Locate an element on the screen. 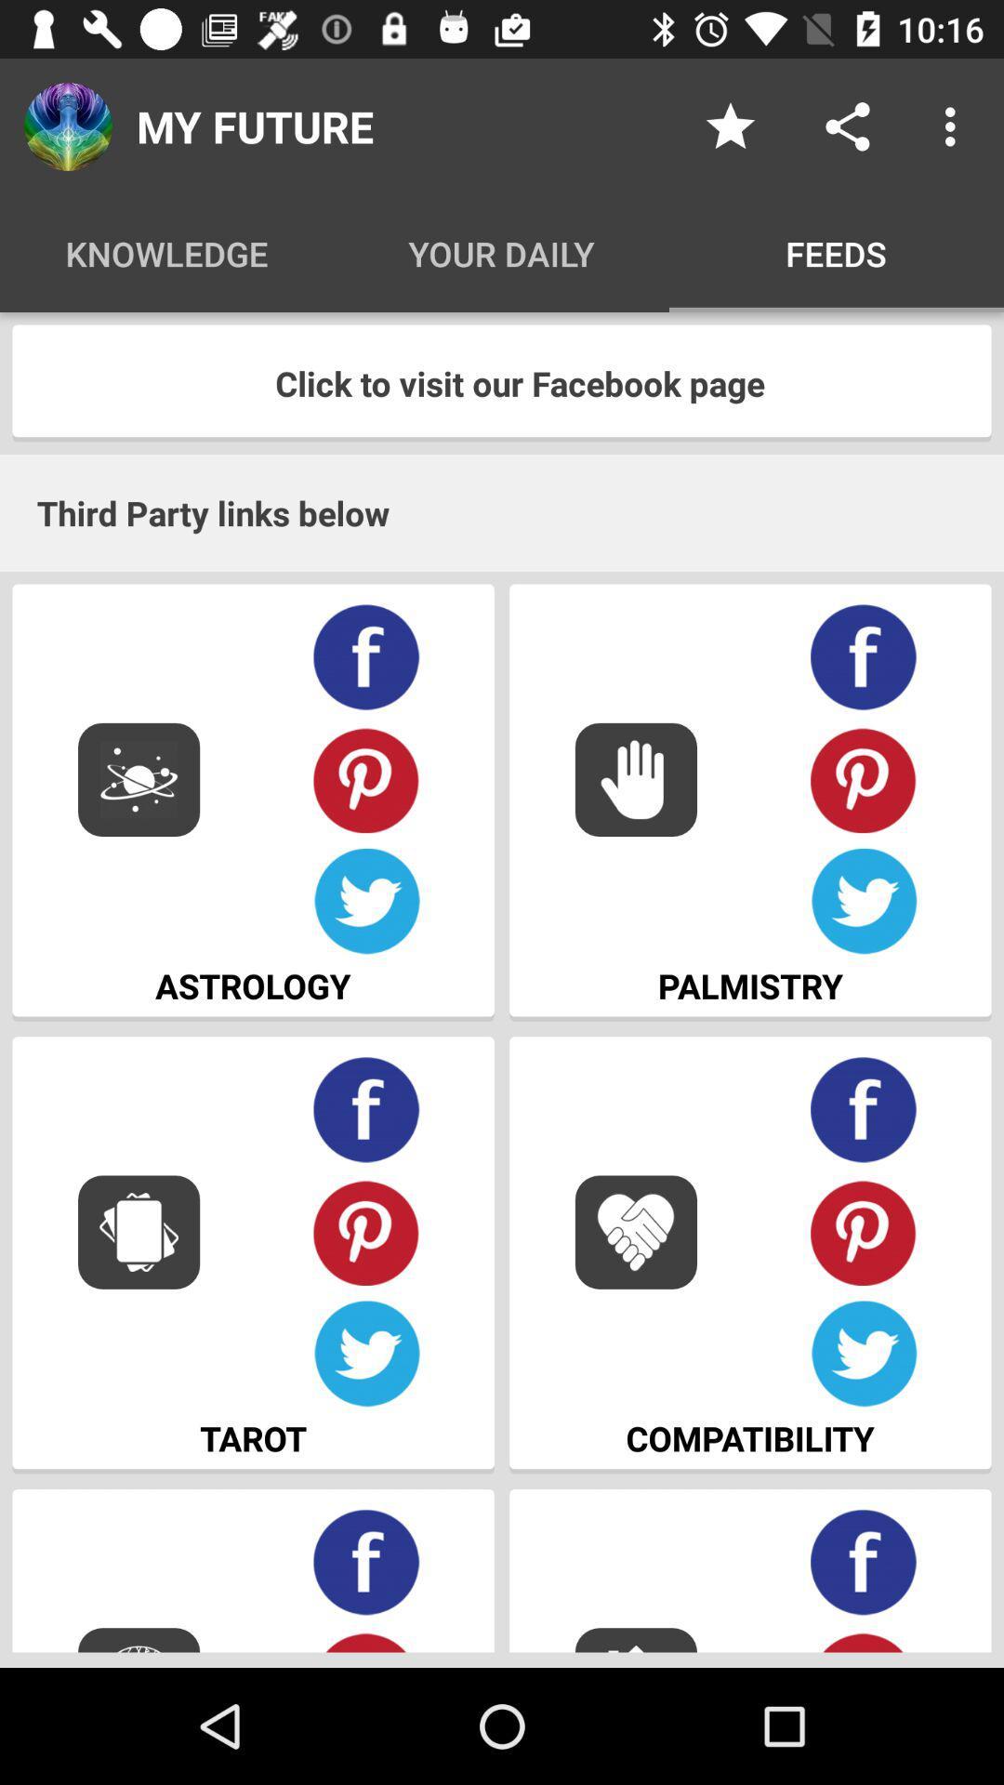 The width and height of the screenshot is (1004, 1785). the item above third party links item is located at coordinates (502, 382).